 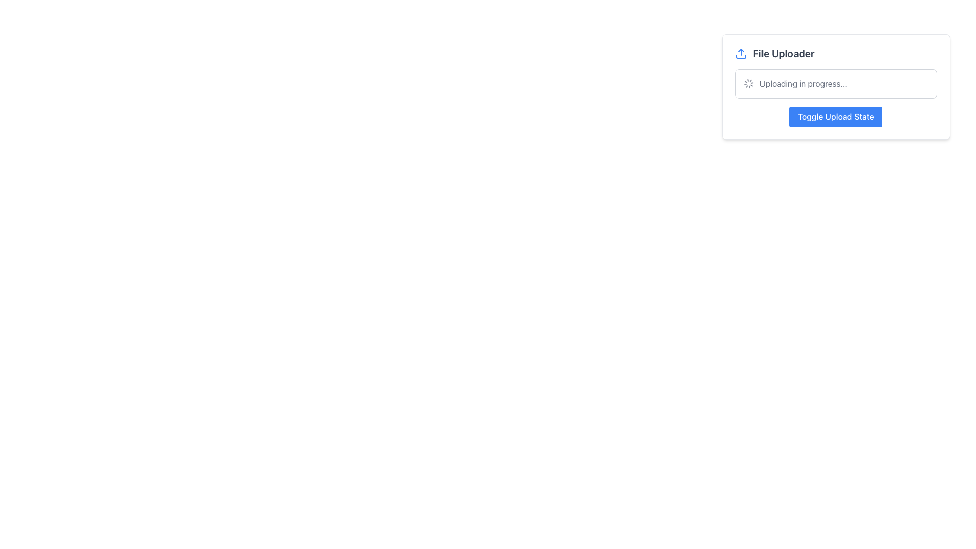 What do you see at coordinates (748, 83) in the screenshot?
I see `the Loading Indicator spinner icon that indicates an ongoing uploading process, located in the pop-up box labeled 'File Uploader'` at bounding box center [748, 83].